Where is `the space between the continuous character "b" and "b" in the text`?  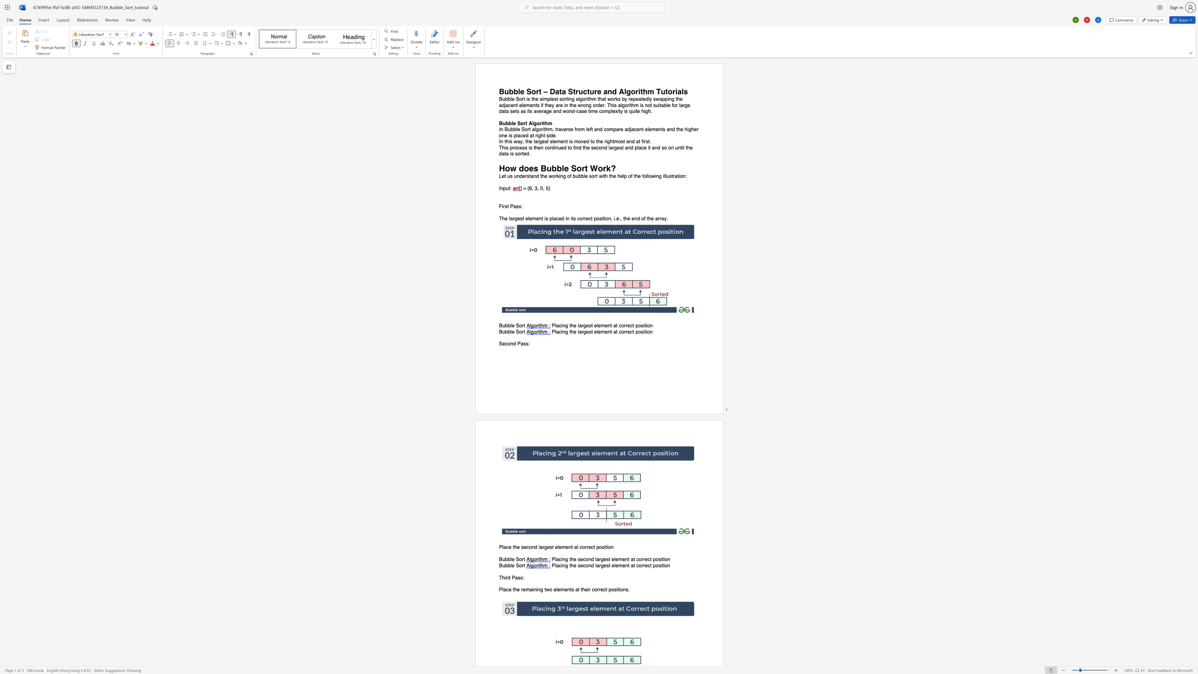
the space between the continuous character "b" and "b" in the text is located at coordinates (508, 123).